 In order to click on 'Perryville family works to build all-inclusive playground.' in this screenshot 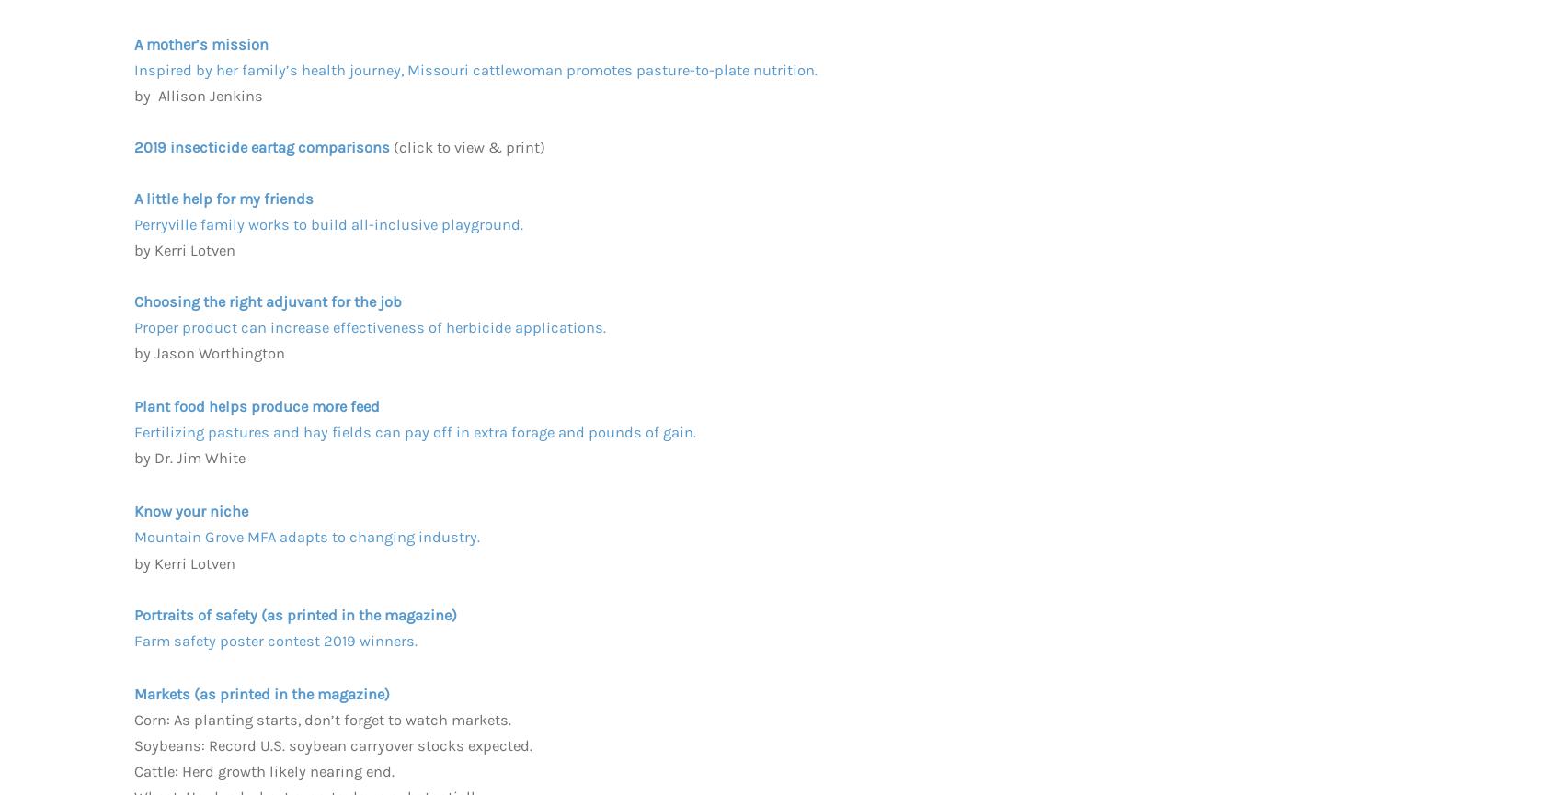, I will do `click(328, 223)`.